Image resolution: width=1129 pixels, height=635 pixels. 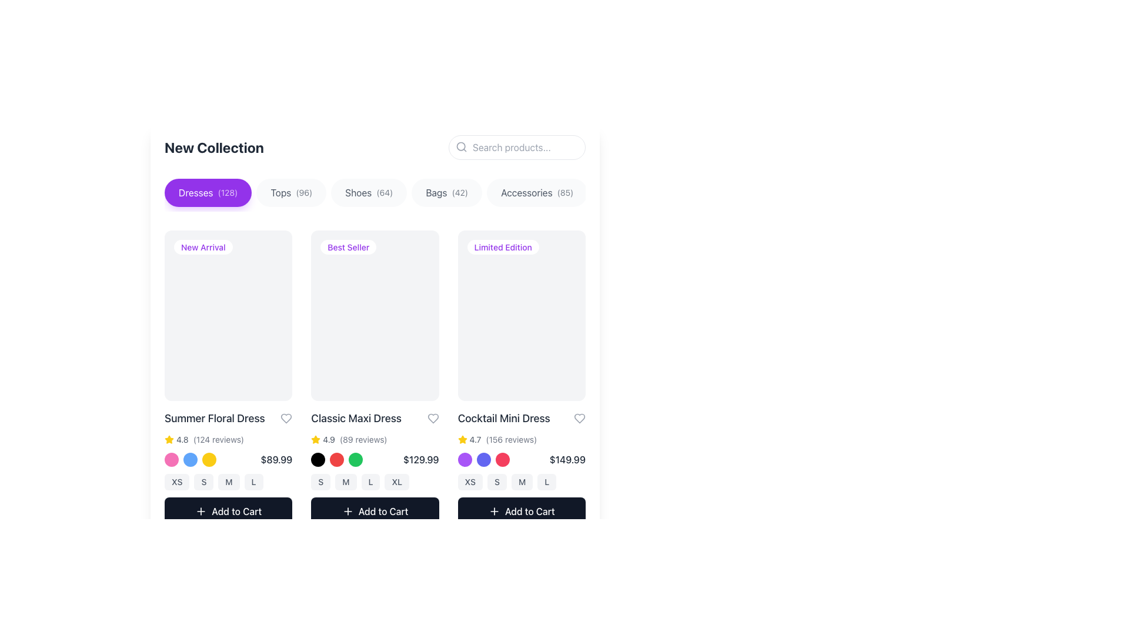 I want to click on the static text label displaying '(85)' that is semi-transparent and located adjacent to the 'Accessories' menu item at the top of the section, so click(x=565, y=192).